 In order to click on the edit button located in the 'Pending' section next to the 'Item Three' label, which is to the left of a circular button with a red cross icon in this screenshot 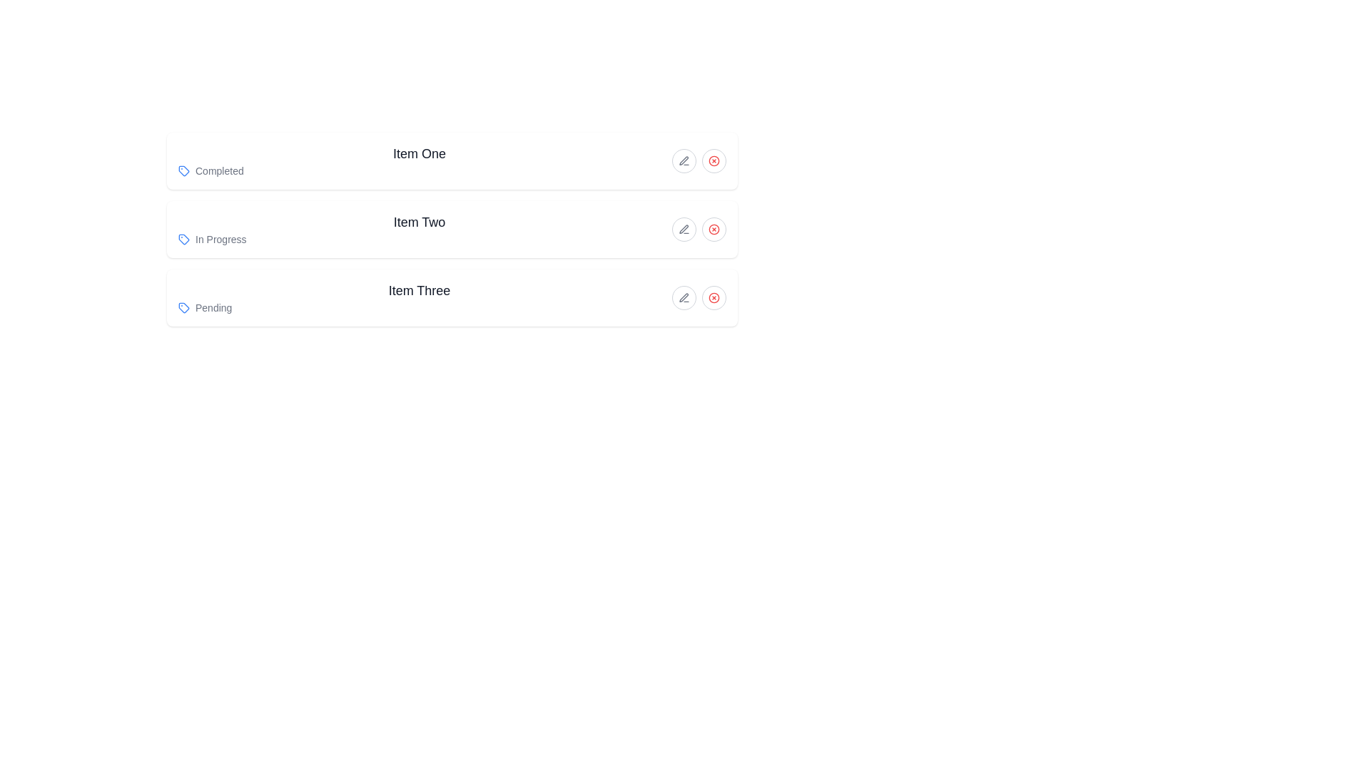, I will do `click(684, 297)`.